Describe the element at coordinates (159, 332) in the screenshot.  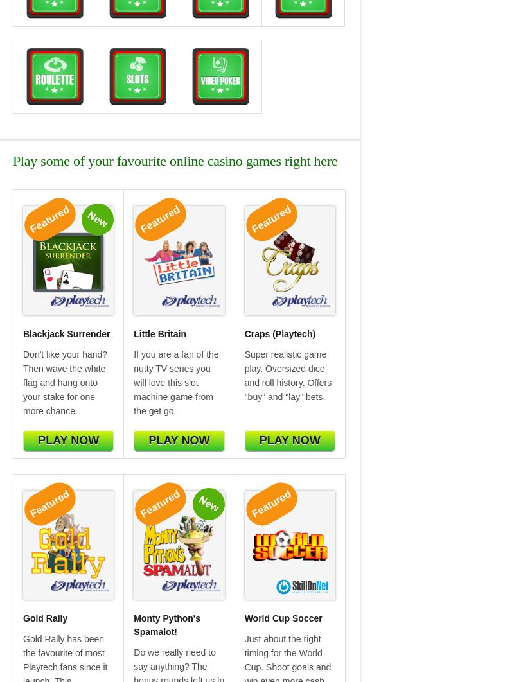
I see `'Little Britain'` at that location.